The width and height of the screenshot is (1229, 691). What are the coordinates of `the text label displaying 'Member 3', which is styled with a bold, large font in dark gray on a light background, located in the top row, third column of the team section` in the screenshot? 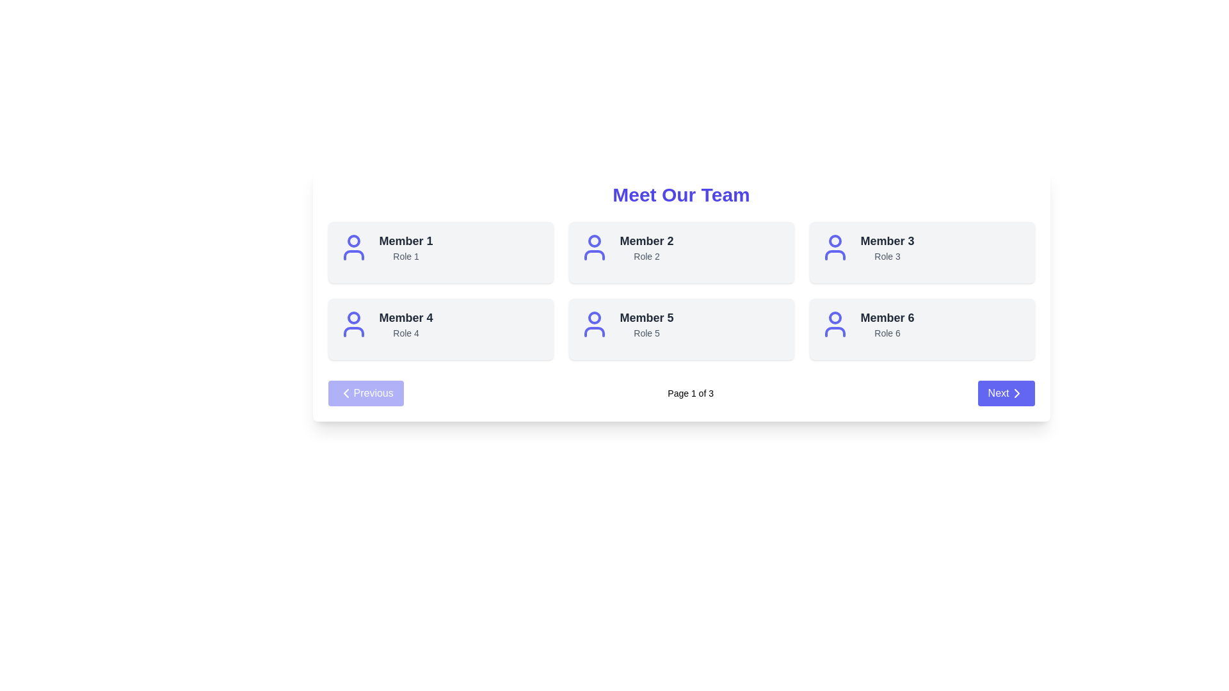 It's located at (887, 241).